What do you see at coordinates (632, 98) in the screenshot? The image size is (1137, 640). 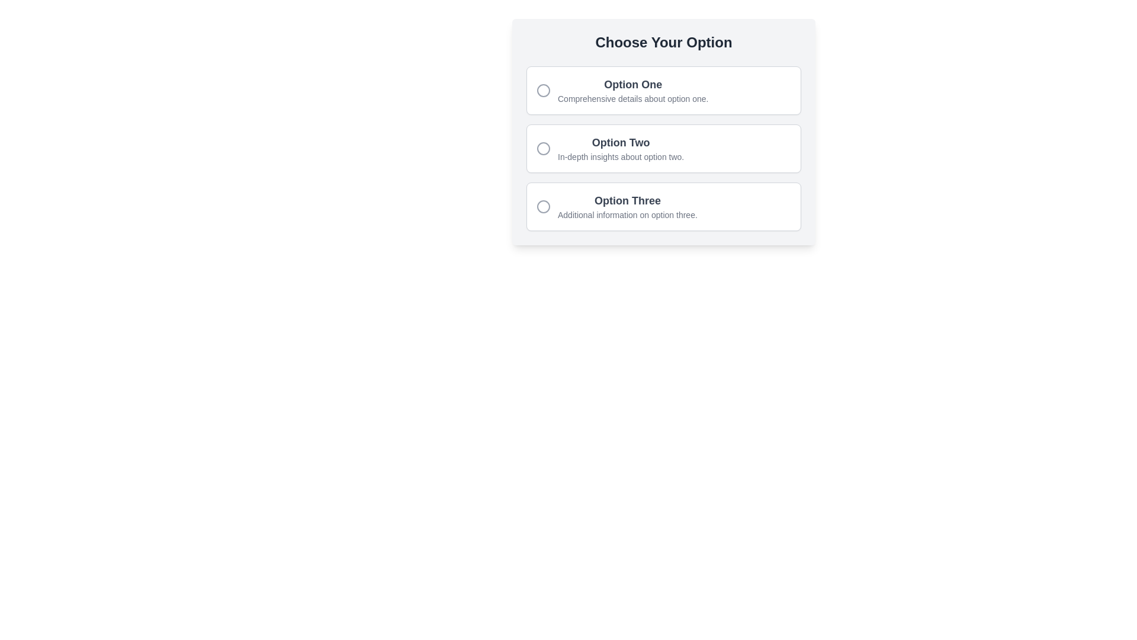 I see `the text label that provides additional descriptive information for 'Option One', located in the first option row of a vertical list of selectable options` at bounding box center [632, 98].